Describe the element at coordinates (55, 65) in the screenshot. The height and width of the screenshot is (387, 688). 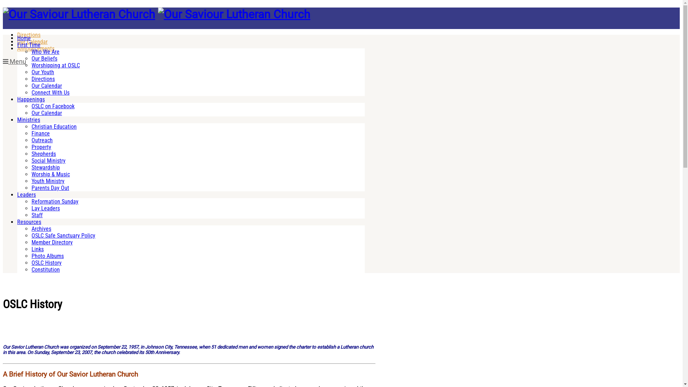
I see `'Worshipping at OSLC'` at that location.